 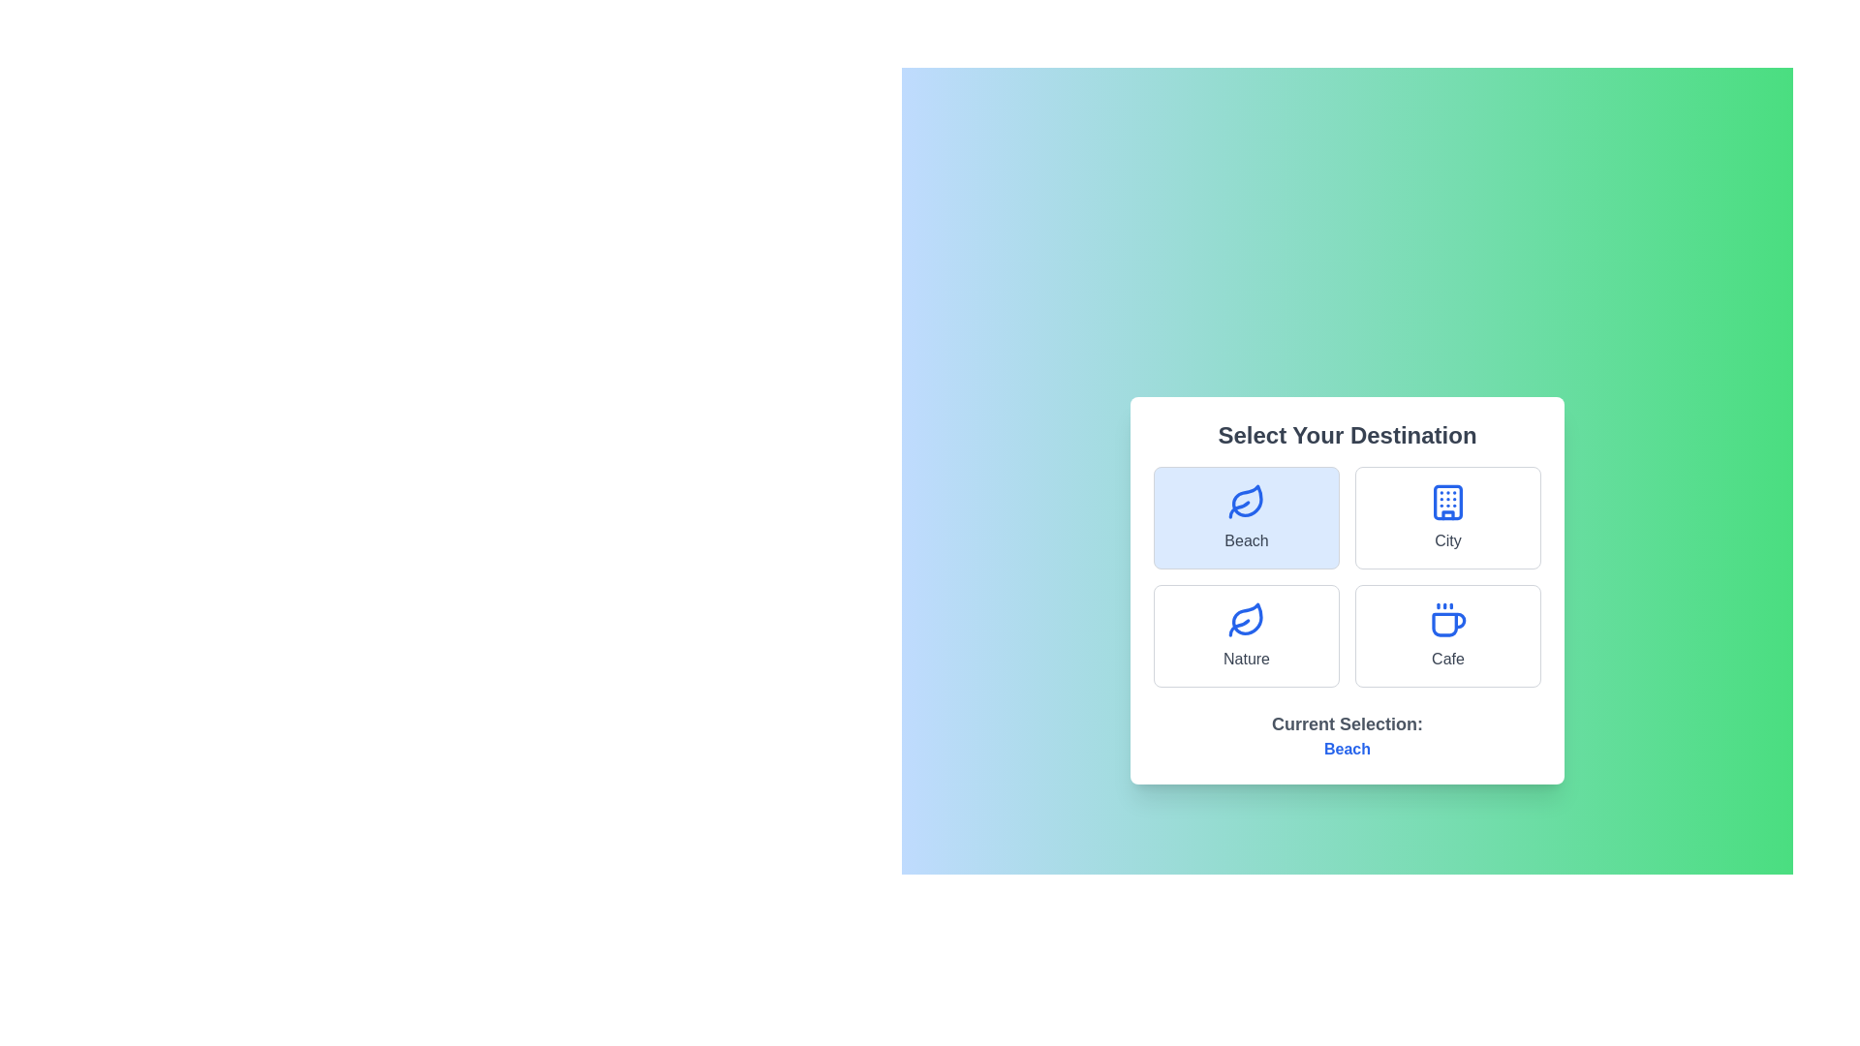 I want to click on the Cafe option to observe the visual feedback, so click(x=1447, y=635).